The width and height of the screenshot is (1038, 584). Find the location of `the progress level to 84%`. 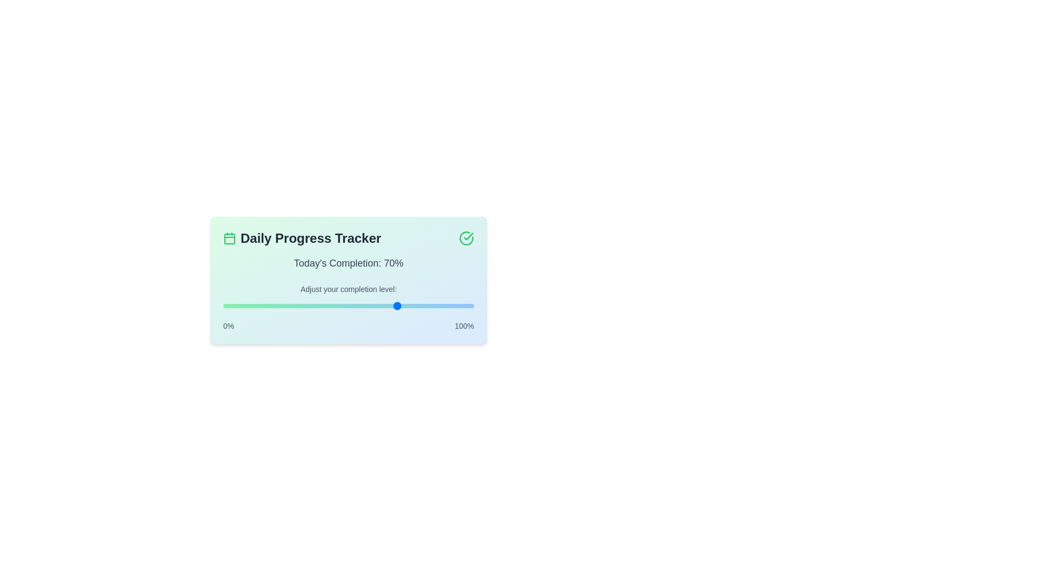

the progress level to 84% is located at coordinates (434, 306).